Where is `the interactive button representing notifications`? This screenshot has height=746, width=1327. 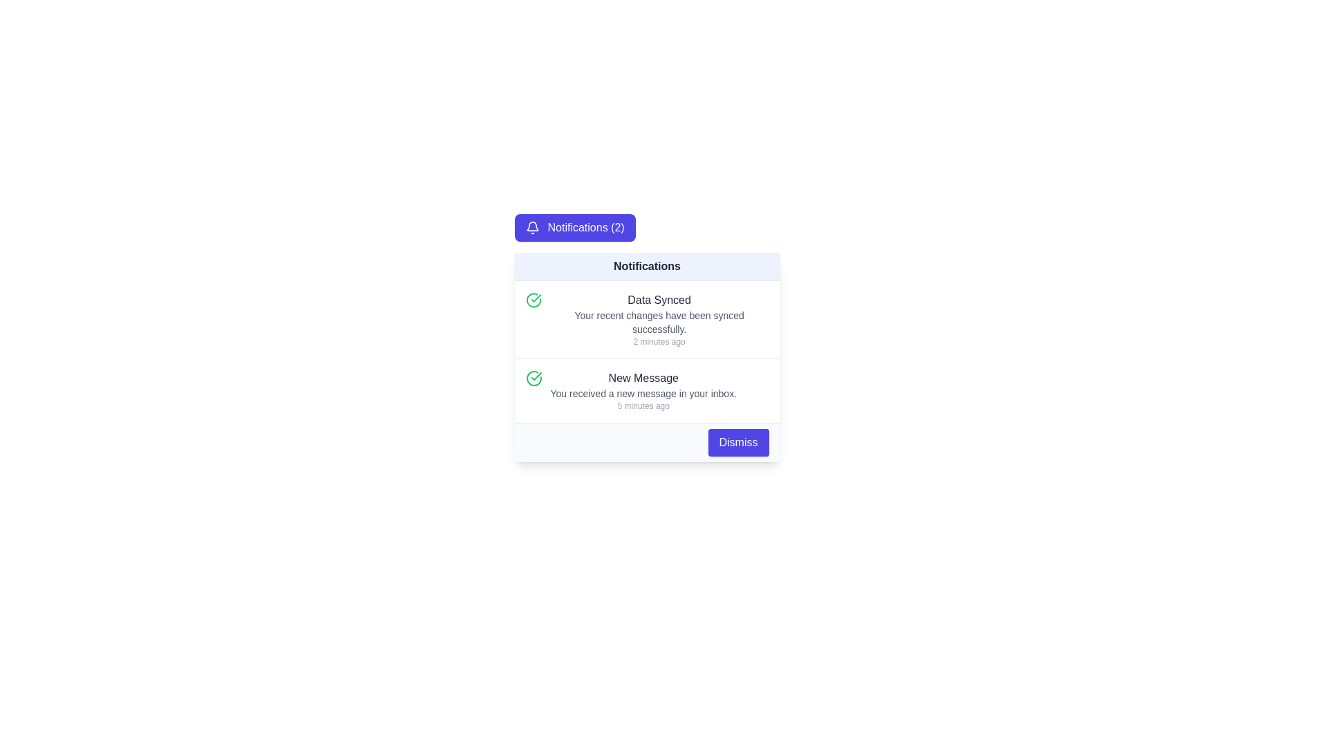
the interactive button representing notifications is located at coordinates (575, 227).